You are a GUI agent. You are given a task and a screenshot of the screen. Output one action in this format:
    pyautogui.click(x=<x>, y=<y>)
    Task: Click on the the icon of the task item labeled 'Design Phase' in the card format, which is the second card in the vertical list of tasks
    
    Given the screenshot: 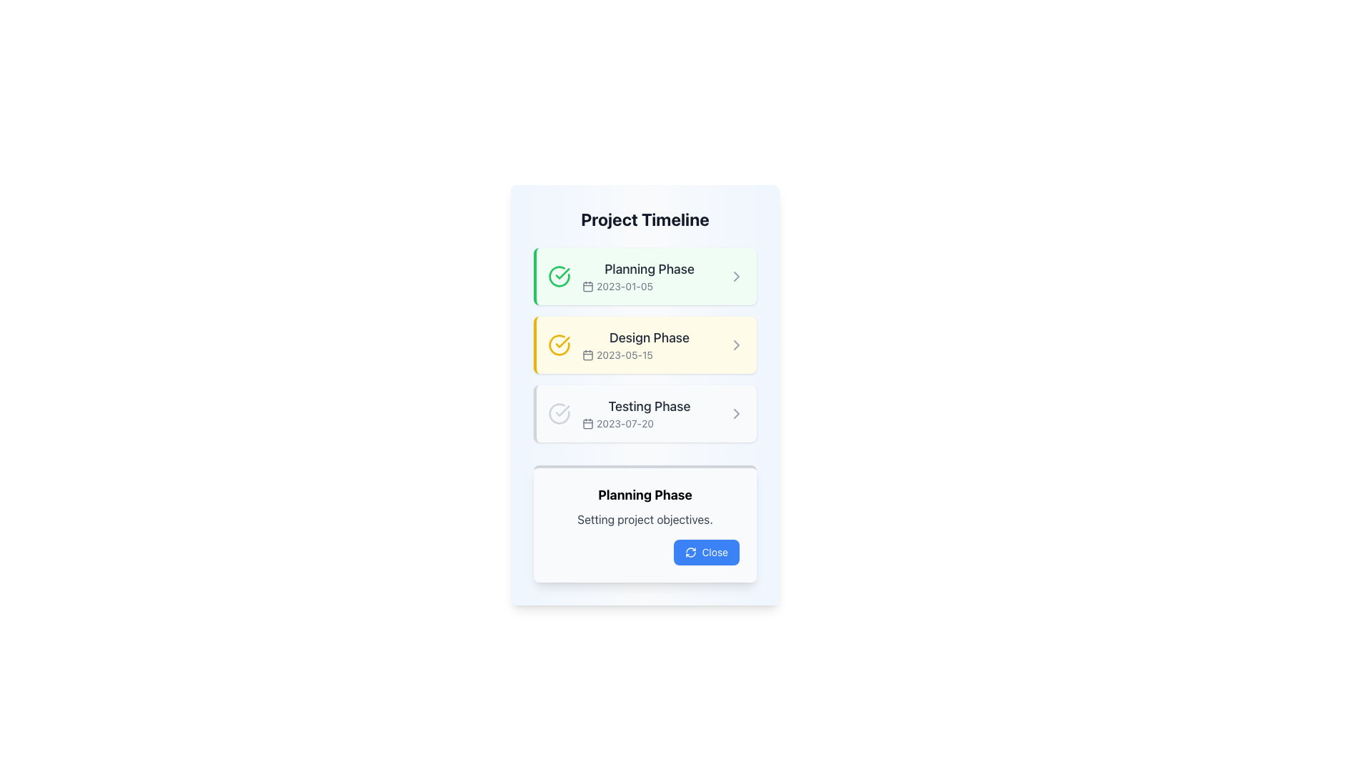 What is the action you would take?
    pyautogui.click(x=648, y=345)
    